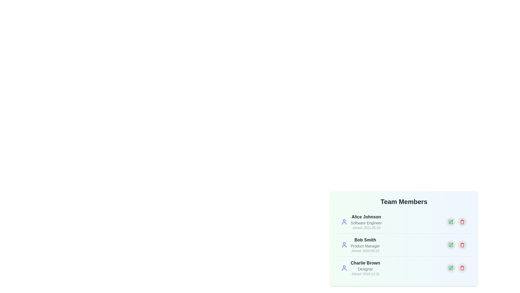 The height and width of the screenshot is (293, 520). Describe the element at coordinates (404, 267) in the screenshot. I see `the profile entry corresponding to Charlie Brown` at that location.